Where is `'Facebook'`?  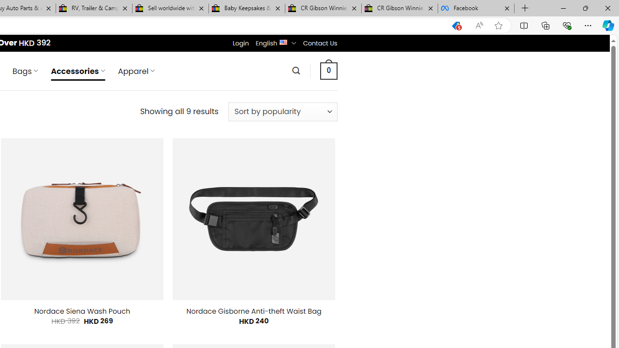 'Facebook' is located at coordinates (476, 8).